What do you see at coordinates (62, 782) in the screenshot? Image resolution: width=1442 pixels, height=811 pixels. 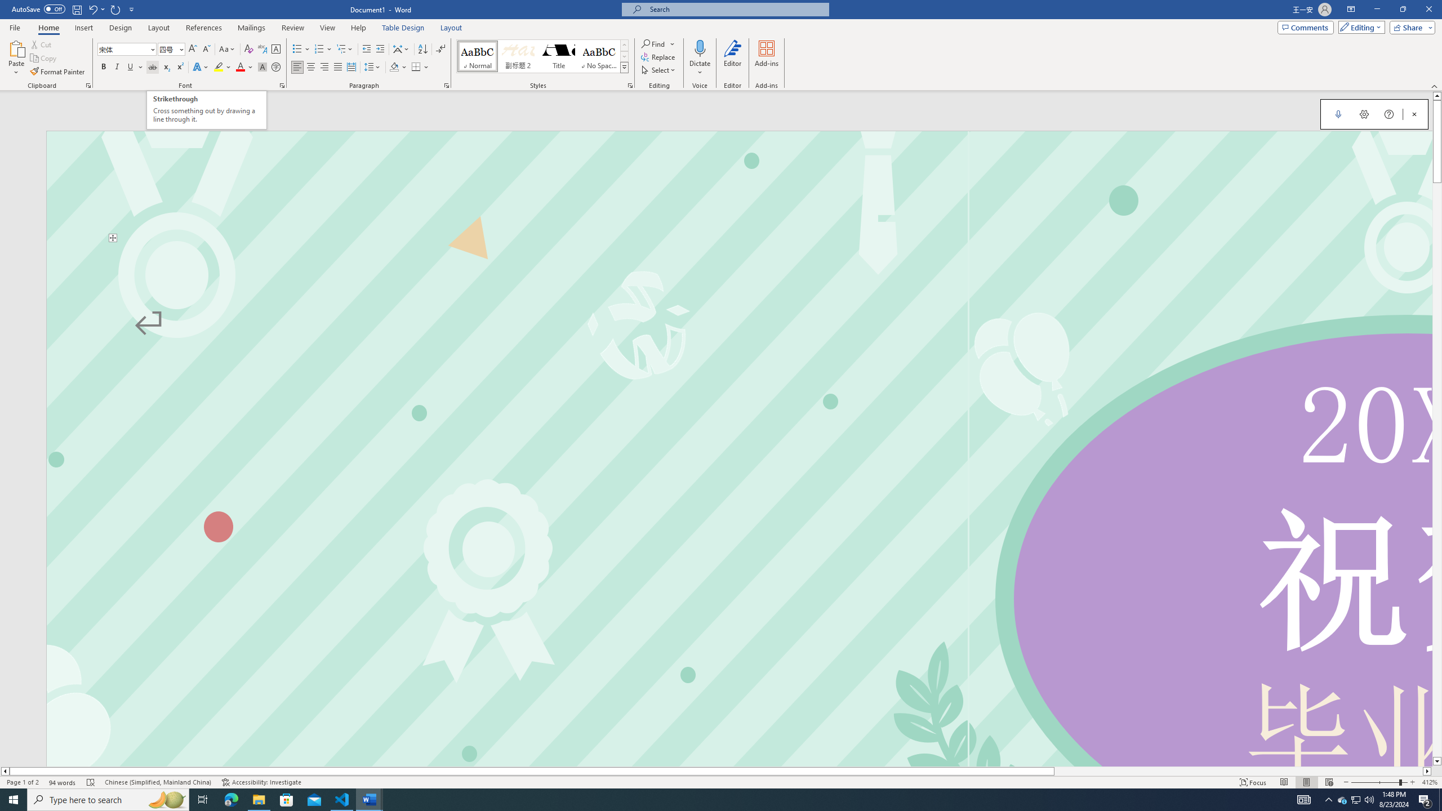 I see `'Word Count 94 words'` at bounding box center [62, 782].